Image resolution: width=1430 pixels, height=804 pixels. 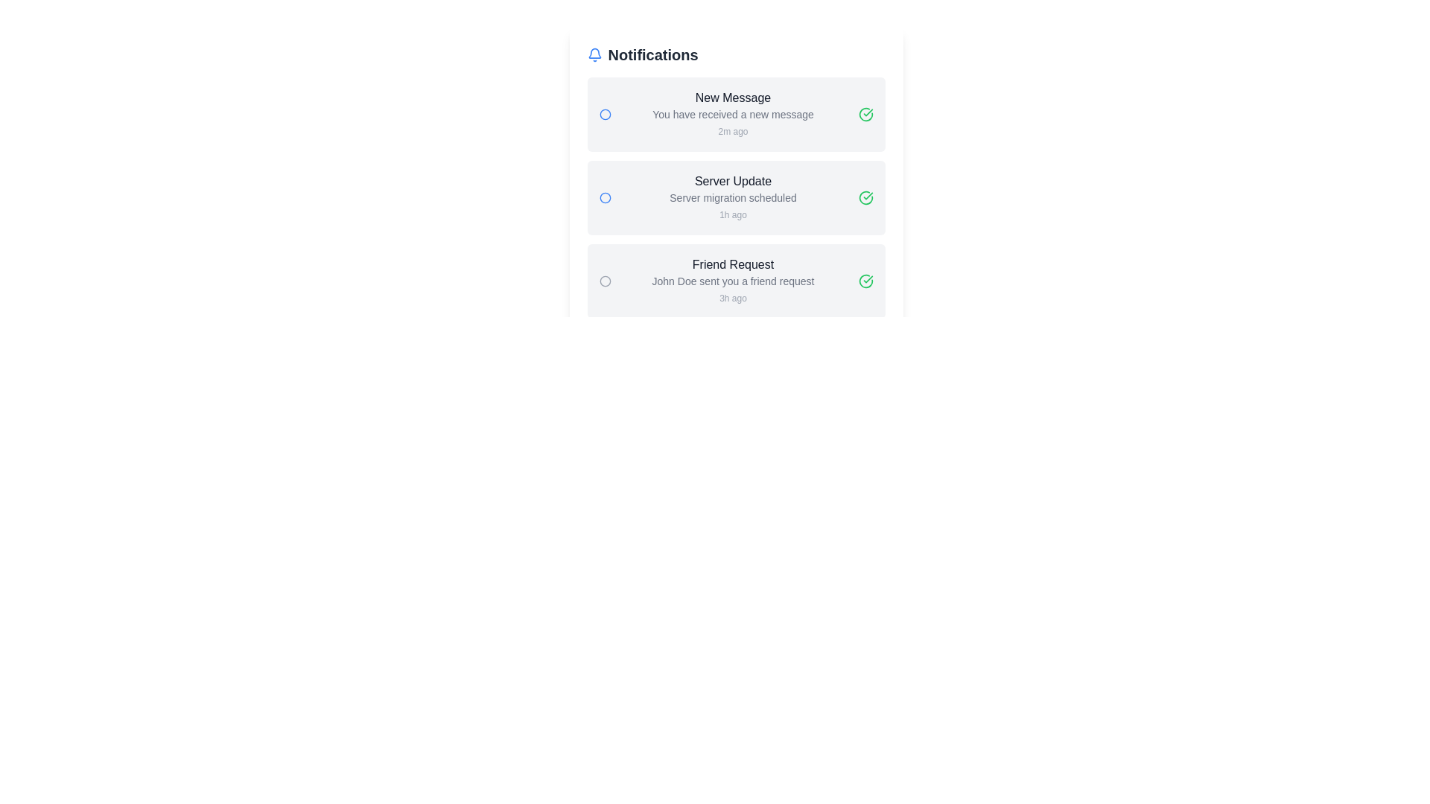 What do you see at coordinates (736, 281) in the screenshot?
I see `the interactive elements within the 'Friend Request' notification card, which is the third card in a vertical list of notifications` at bounding box center [736, 281].